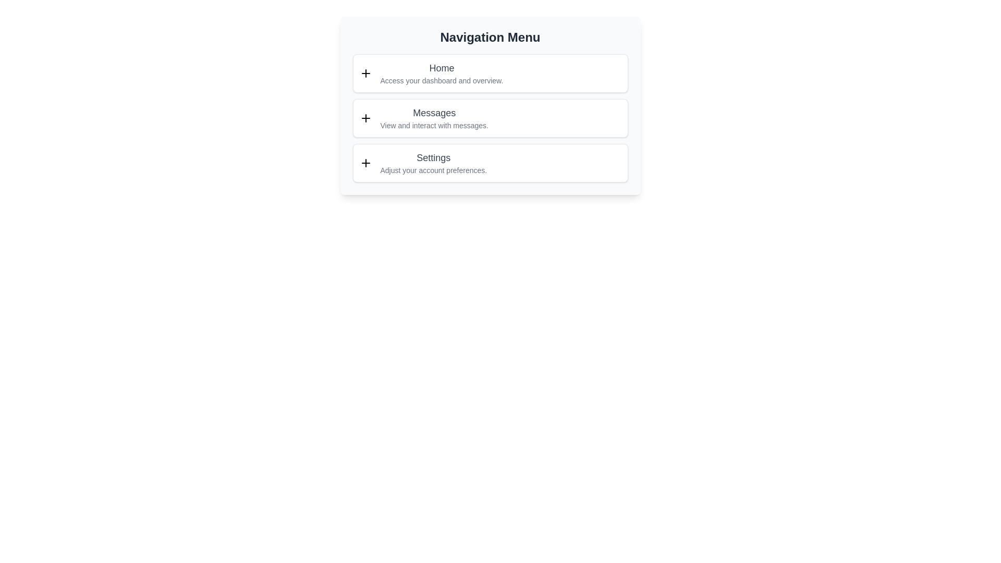 The height and width of the screenshot is (563, 1001). I want to click on the Text Label that serves as a title for the associated menu option located in the middle of the navigation menu, specifically the third option above the description text 'Adjust your account preferences.', so click(433, 158).